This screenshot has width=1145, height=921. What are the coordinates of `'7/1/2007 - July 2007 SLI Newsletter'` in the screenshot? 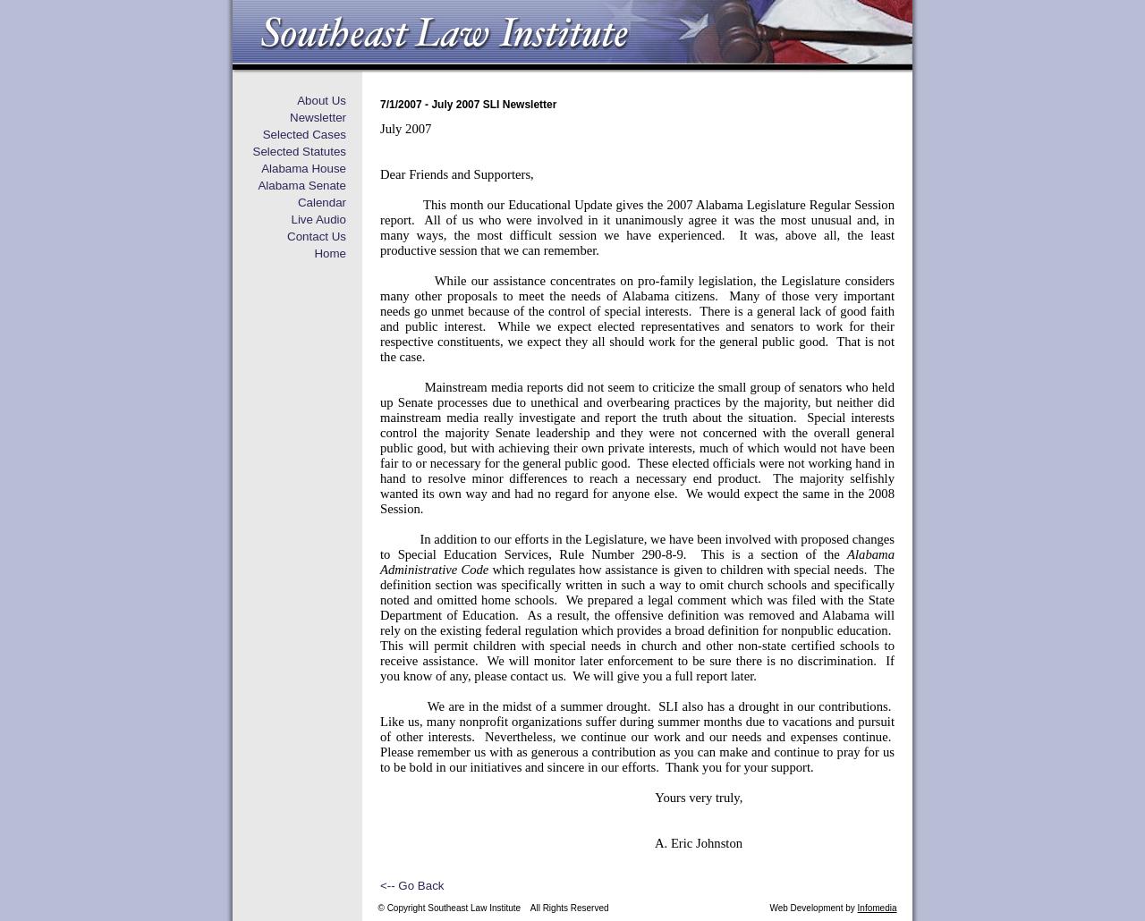 It's located at (468, 104).